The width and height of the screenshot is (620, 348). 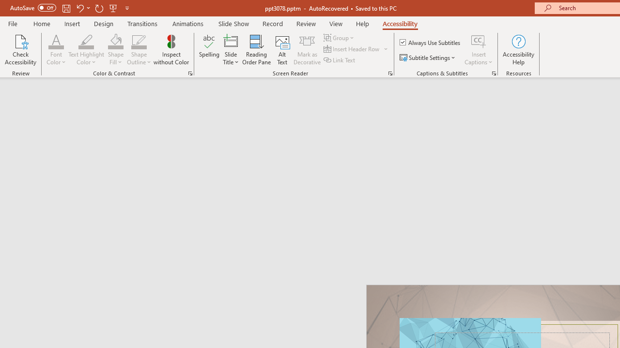 What do you see at coordinates (139, 41) in the screenshot?
I see `'Shape Outline'` at bounding box center [139, 41].